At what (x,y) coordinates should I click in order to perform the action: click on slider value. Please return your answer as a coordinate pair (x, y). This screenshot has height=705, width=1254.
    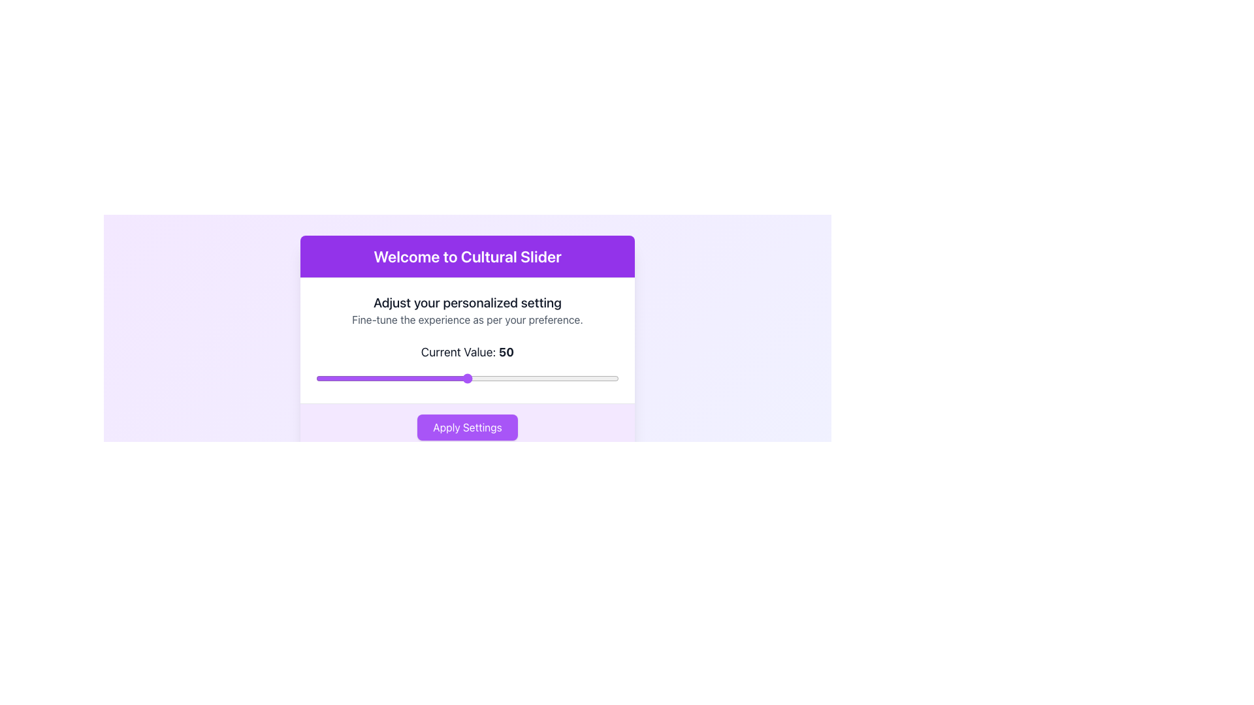
    Looking at the image, I should click on (340, 378).